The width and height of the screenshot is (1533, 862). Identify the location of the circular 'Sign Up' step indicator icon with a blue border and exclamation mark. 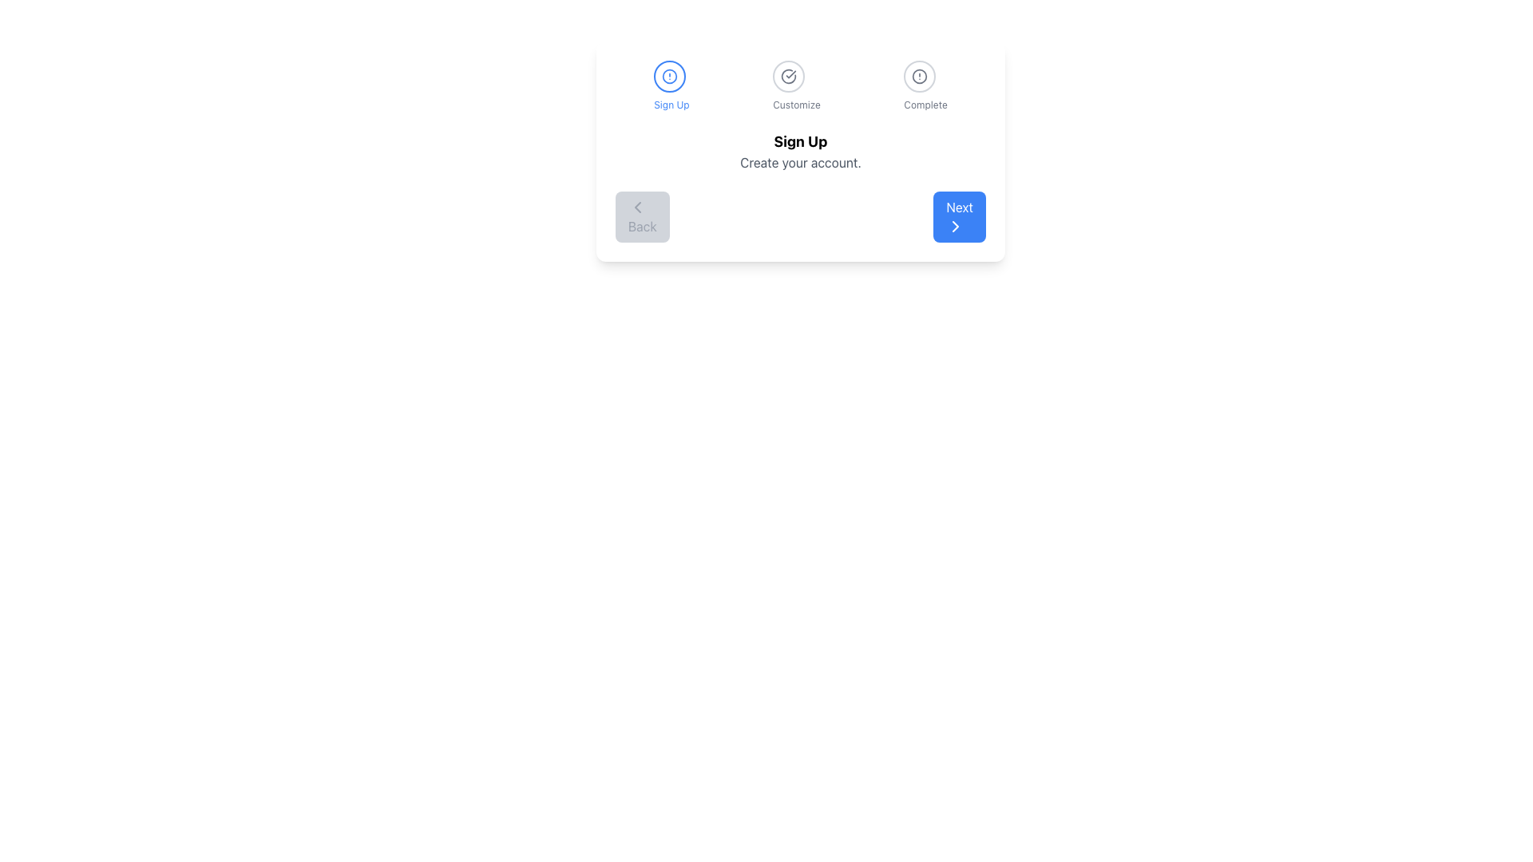
(671, 86).